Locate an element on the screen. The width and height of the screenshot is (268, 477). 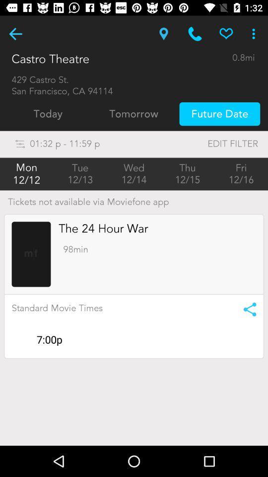
the item below tickets not available item is located at coordinates (103, 229).